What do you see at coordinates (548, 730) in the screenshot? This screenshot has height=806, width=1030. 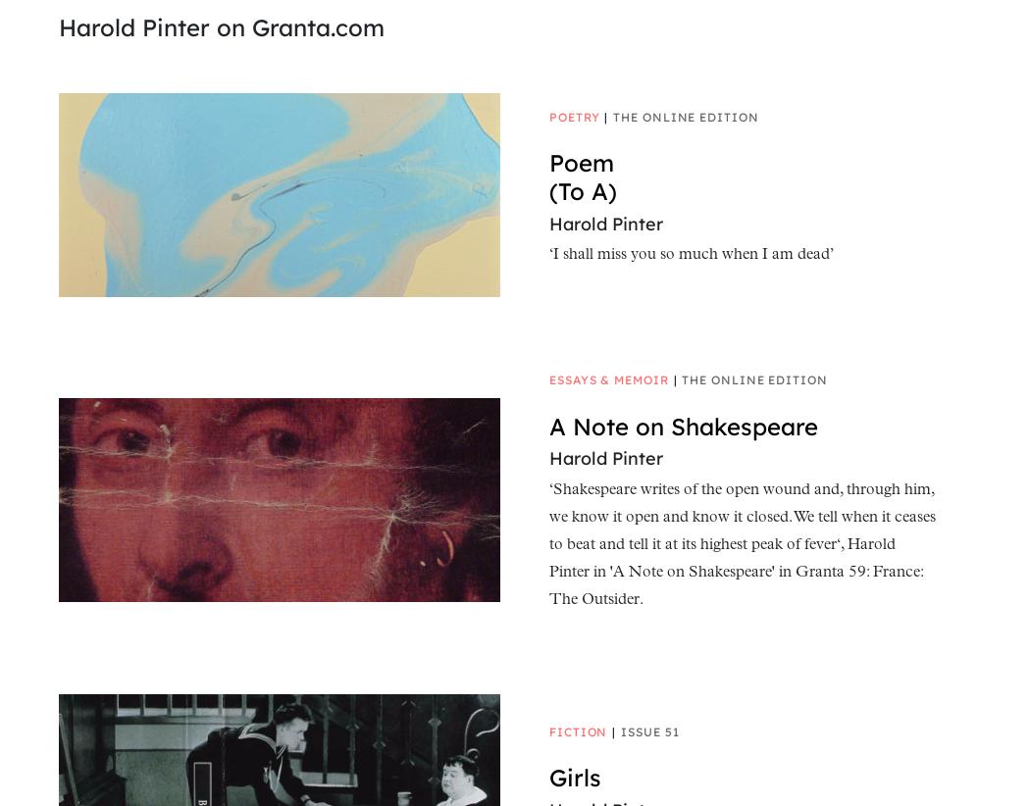 I see `'Fiction'` at bounding box center [548, 730].